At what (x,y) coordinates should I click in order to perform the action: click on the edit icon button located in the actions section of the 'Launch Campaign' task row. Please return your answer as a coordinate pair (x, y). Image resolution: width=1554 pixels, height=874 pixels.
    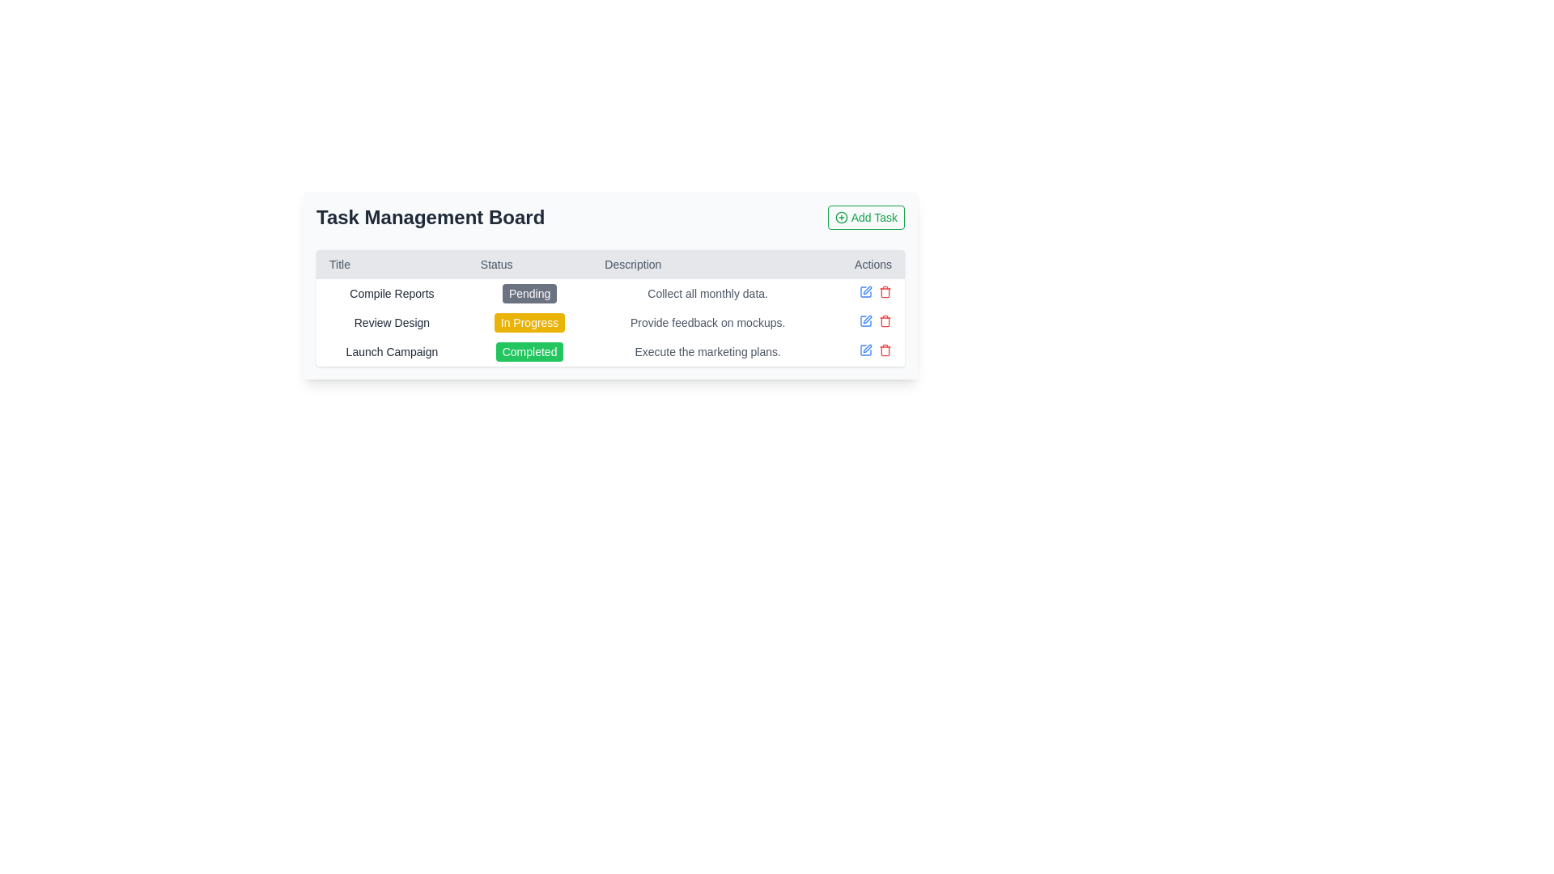
    Looking at the image, I should click on (866, 319).